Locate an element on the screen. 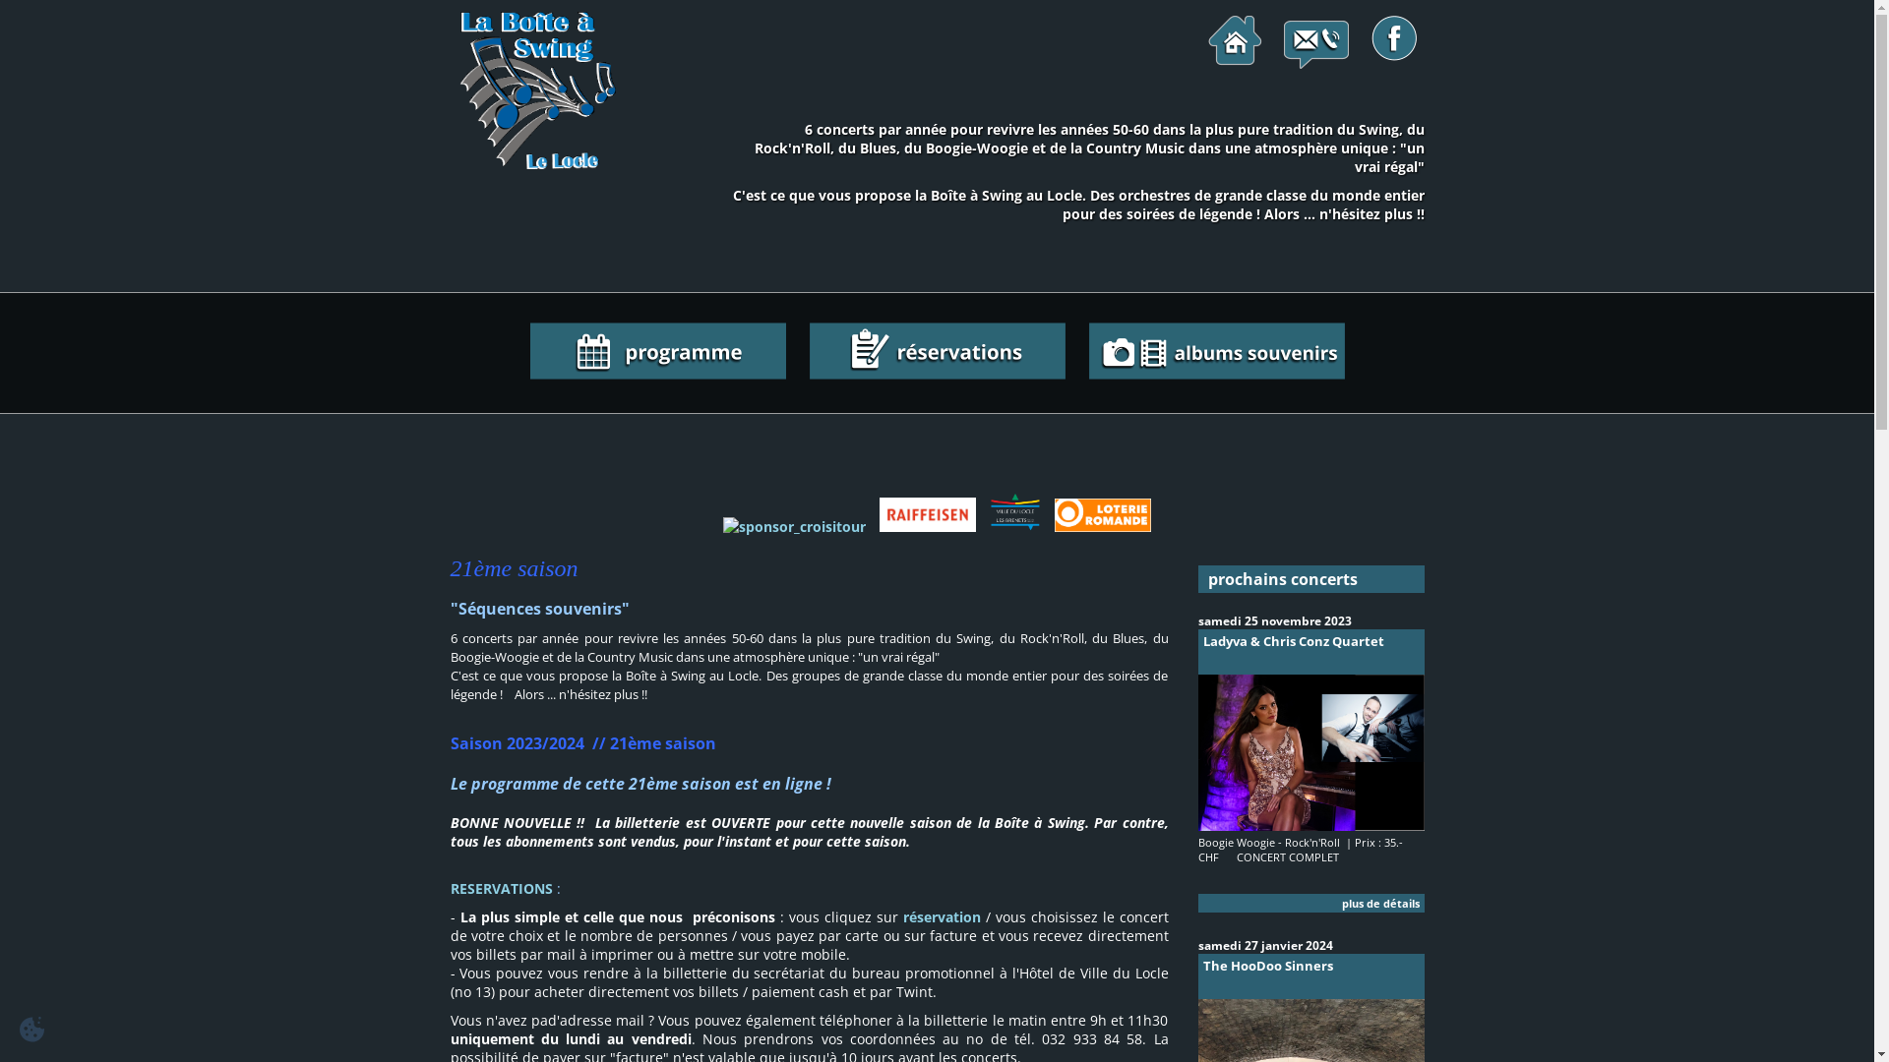  'RESERVATIONS' is located at coordinates (449, 888).